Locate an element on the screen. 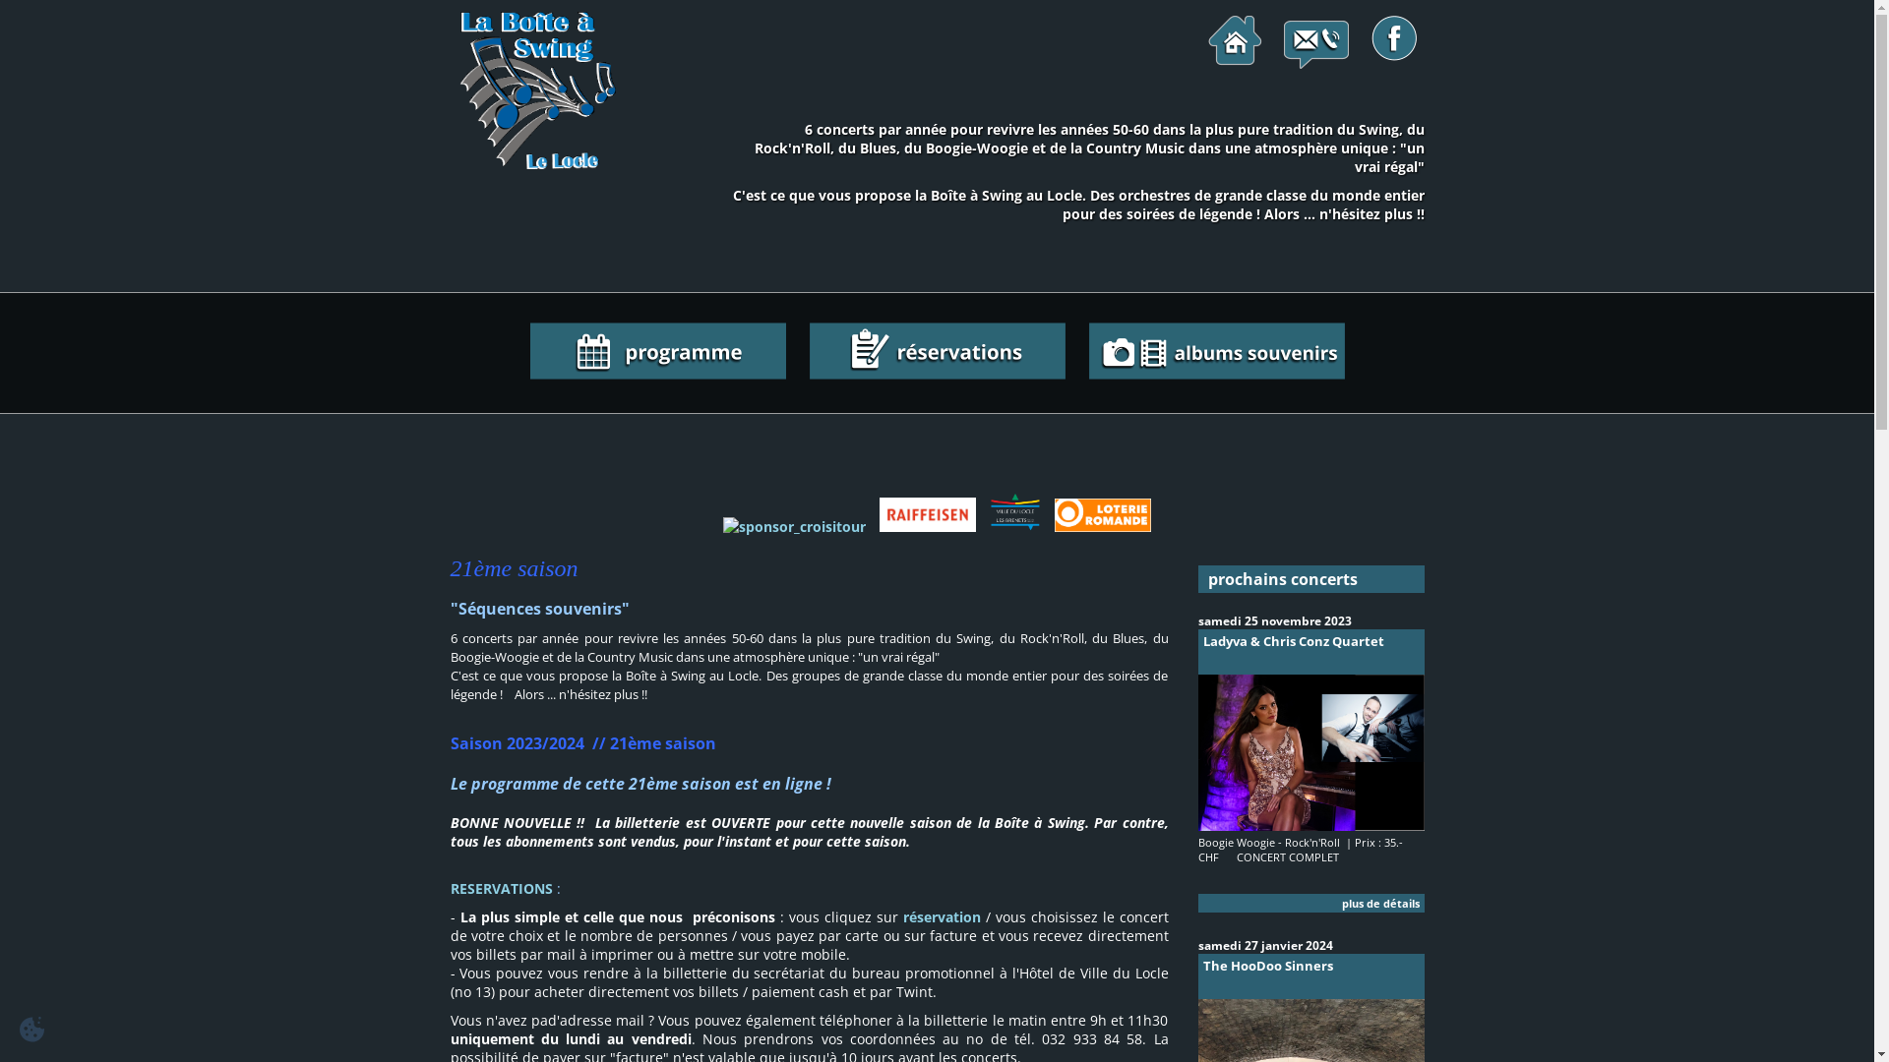  'RESERVATIONS' is located at coordinates (449, 888).